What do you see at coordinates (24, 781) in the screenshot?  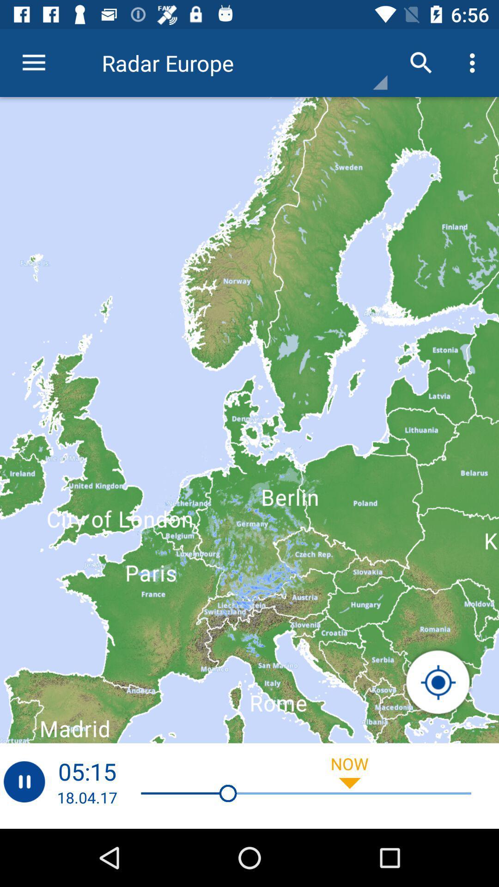 I see `pass botten` at bounding box center [24, 781].